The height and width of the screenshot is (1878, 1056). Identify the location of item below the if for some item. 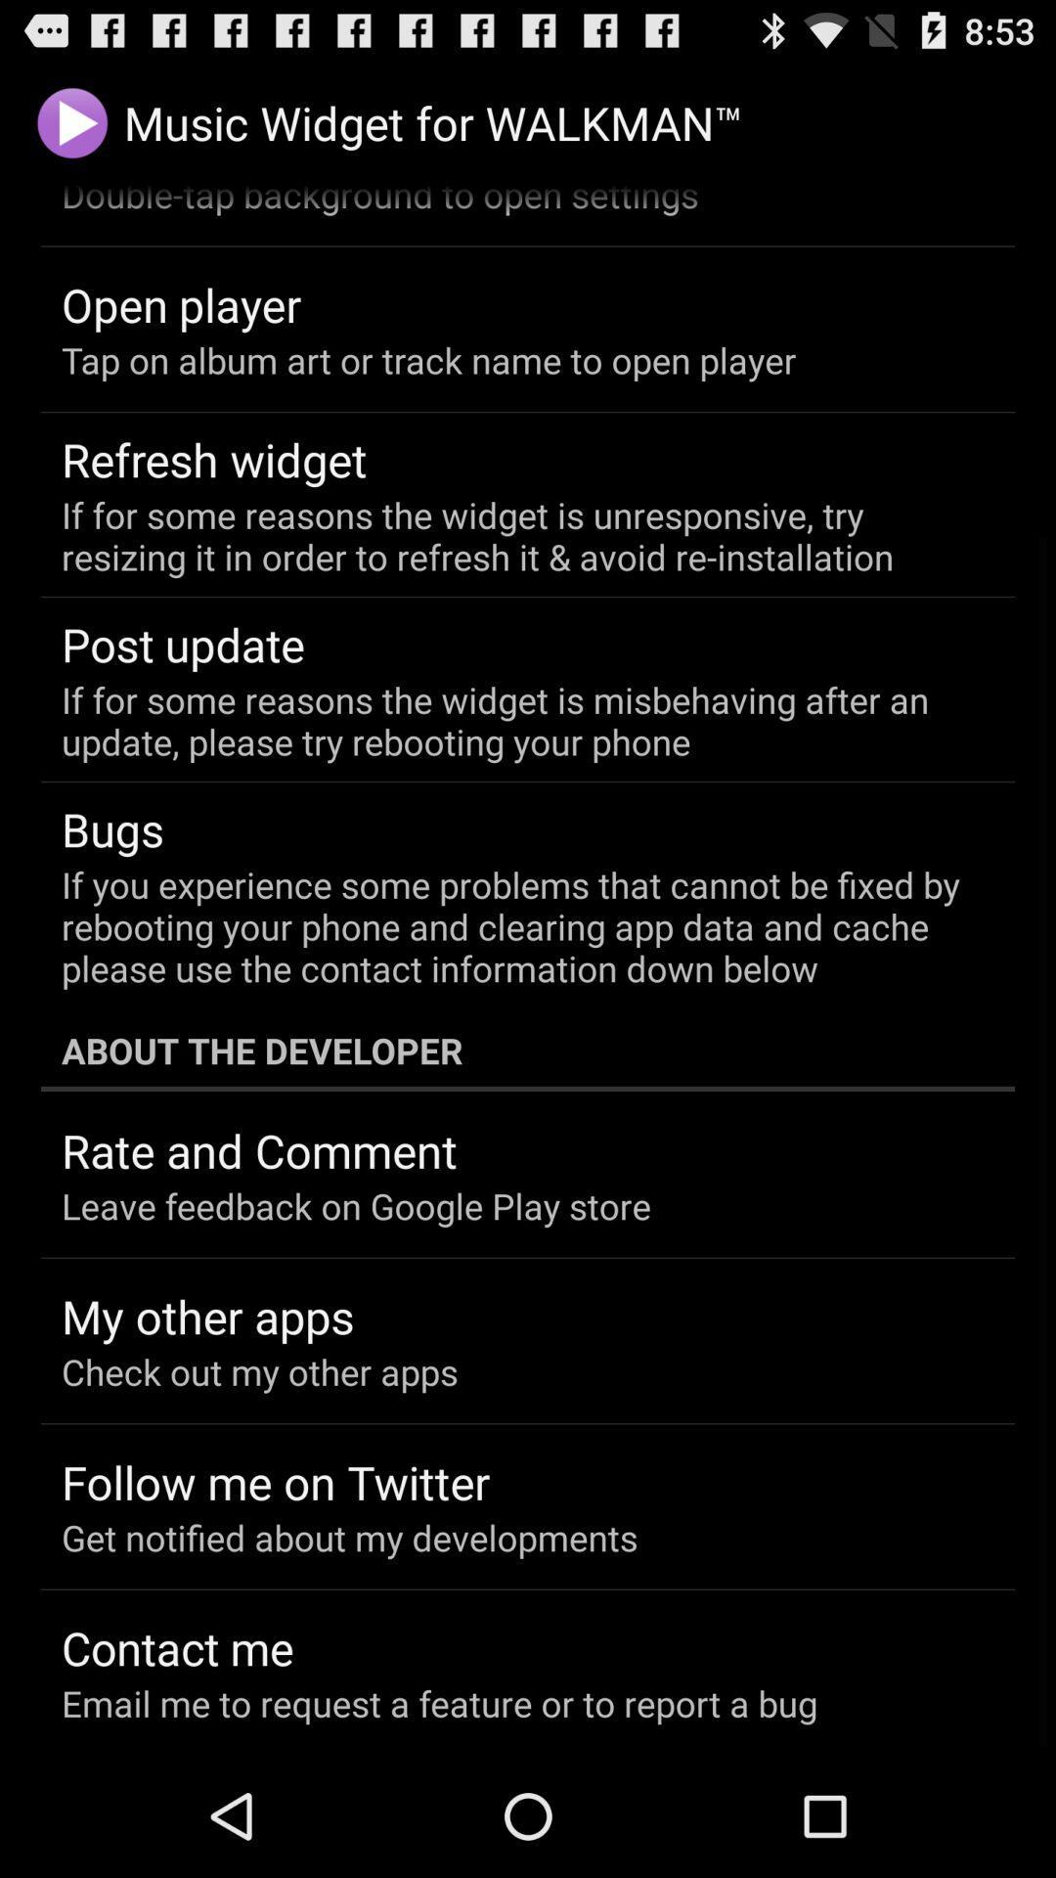
(183, 644).